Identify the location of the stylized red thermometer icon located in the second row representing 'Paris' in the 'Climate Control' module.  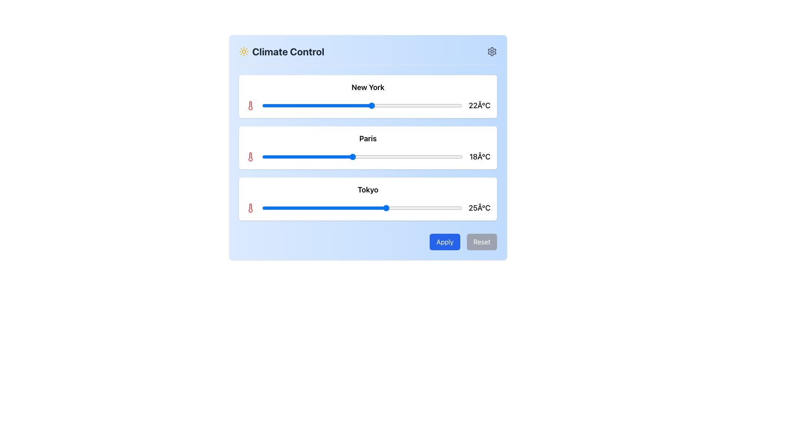
(250, 157).